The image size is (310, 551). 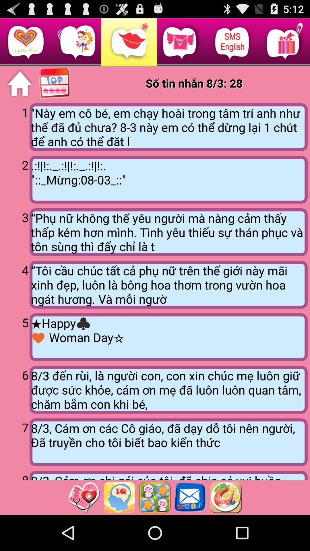 I want to click on open messages, so click(x=190, y=497).